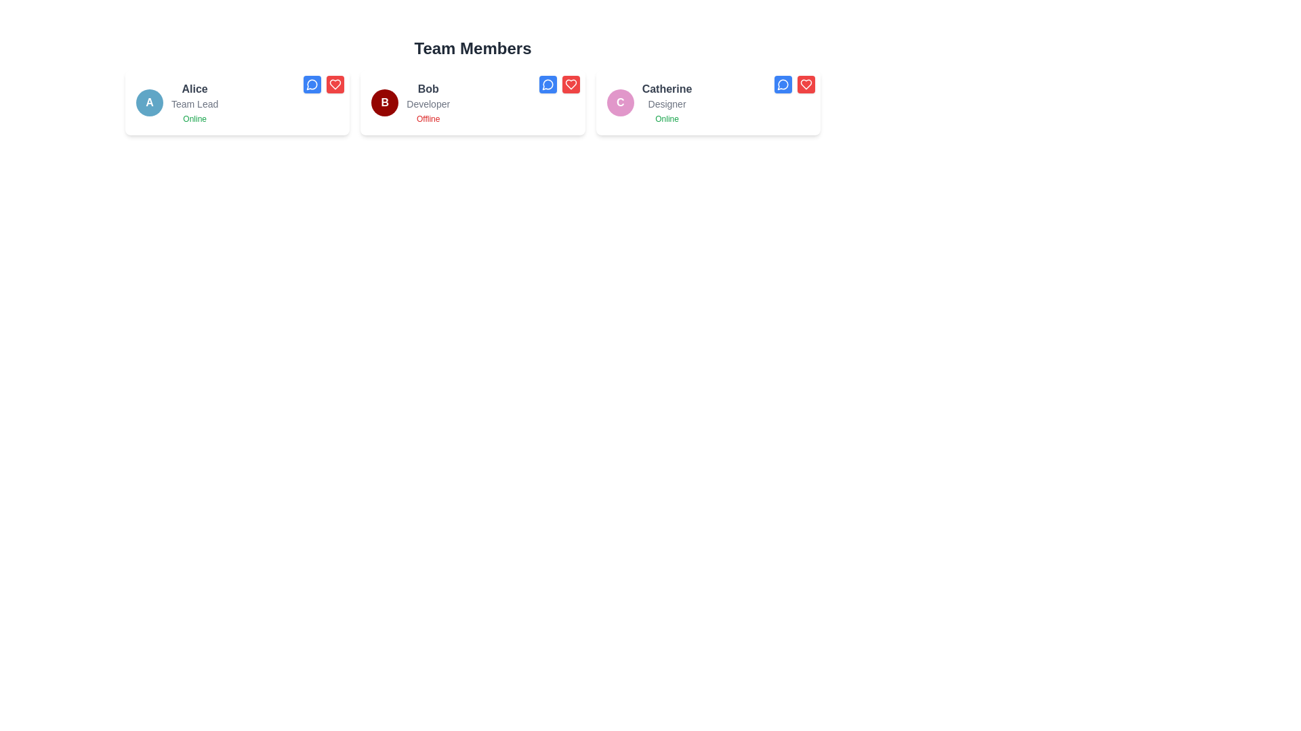 The height and width of the screenshot is (731, 1301). Describe the element at coordinates (783, 85) in the screenshot. I see `the chat initiation icon located in the top-right corner of the card labeled Catherine` at that location.